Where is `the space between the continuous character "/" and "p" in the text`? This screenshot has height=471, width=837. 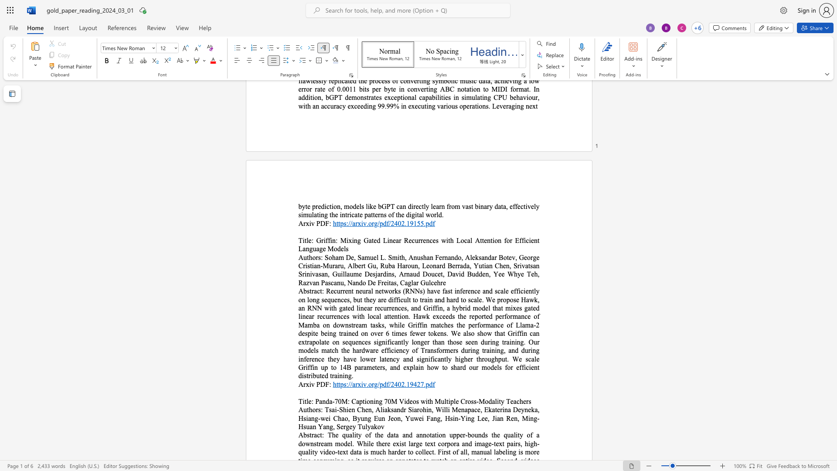
the space between the continuous character "/" and "p" in the text is located at coordinates (380, 384).